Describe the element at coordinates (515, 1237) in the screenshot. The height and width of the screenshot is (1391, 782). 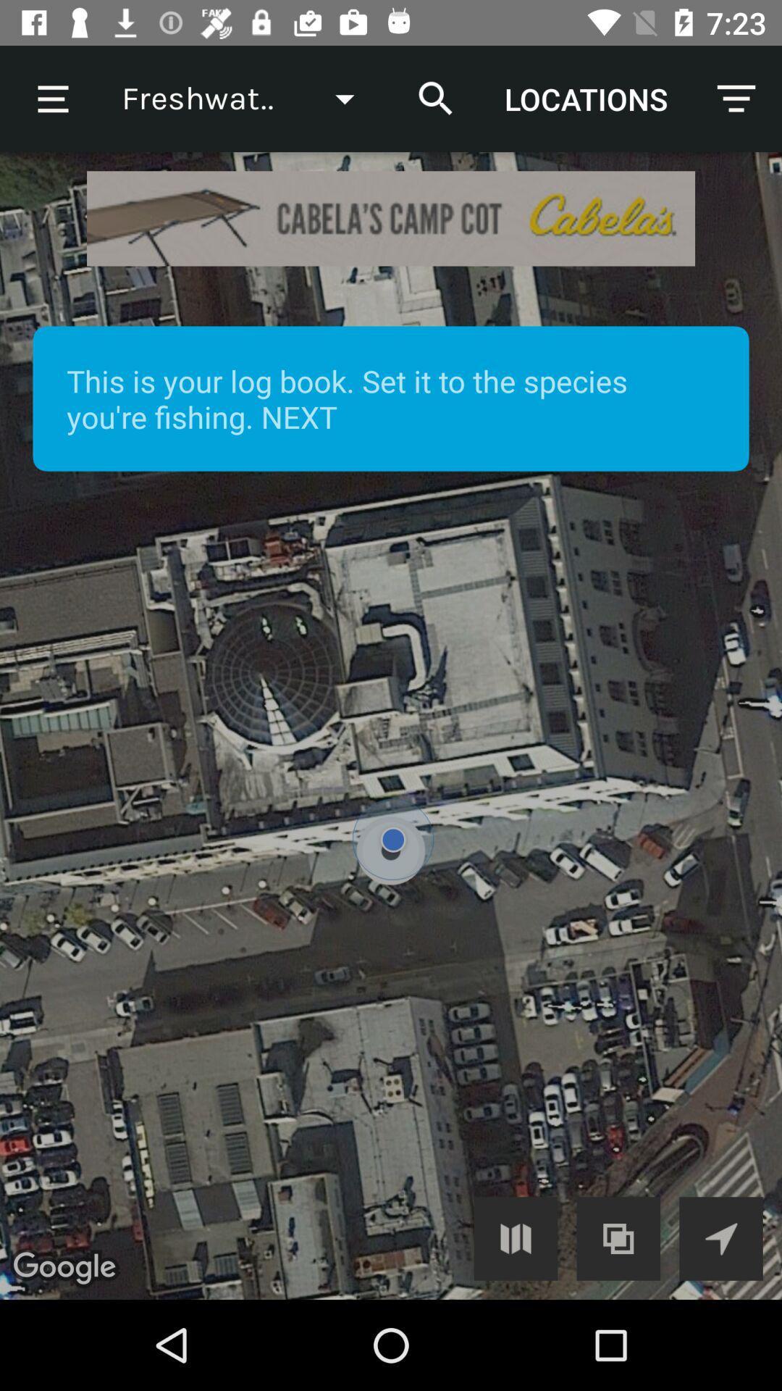
I see `log in` at that location.